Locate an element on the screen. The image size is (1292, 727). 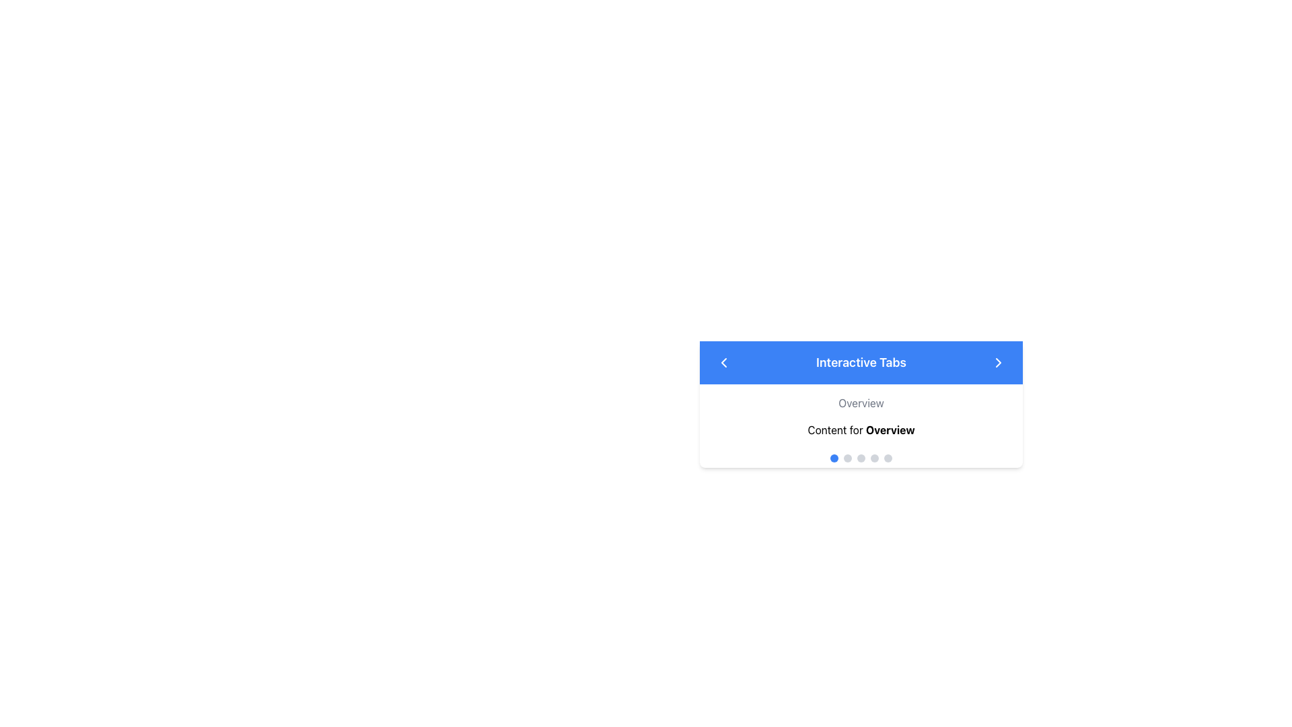
the fifth navigation dot in the progress tracker located centrally below the 'Content for Overview' area is located at coordinates (888, 458).